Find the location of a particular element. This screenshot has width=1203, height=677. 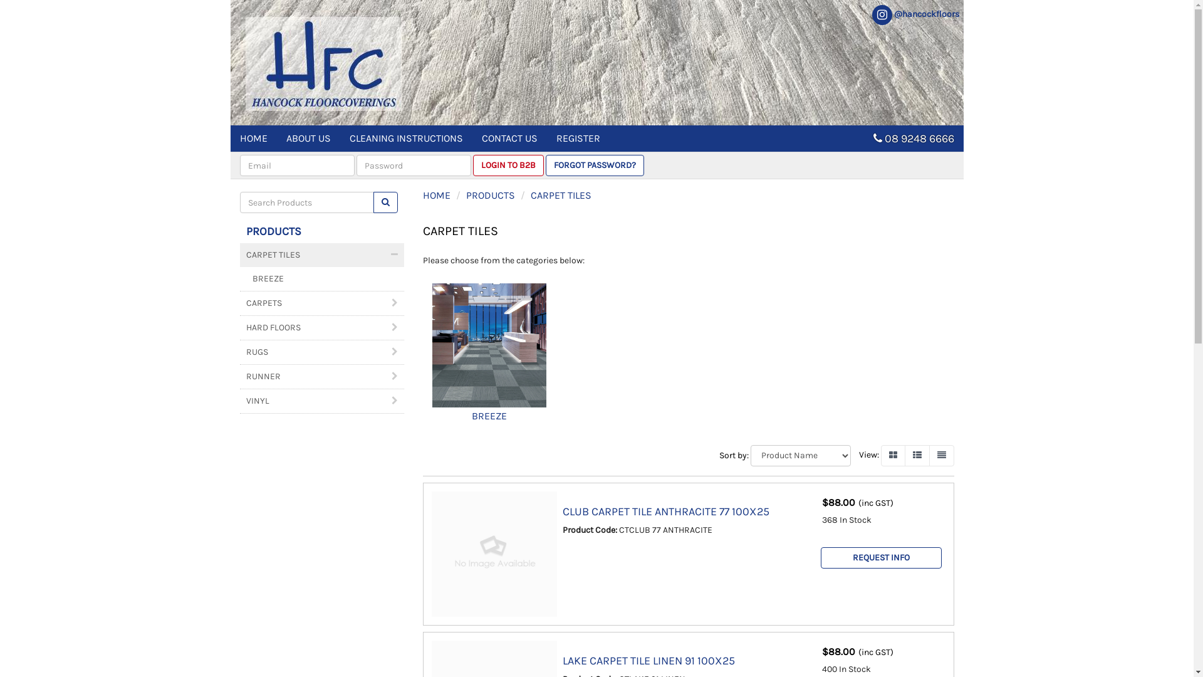

'LAKE CARPET TILE LINEN 91 100X25' is located at coordinates (648, 659).